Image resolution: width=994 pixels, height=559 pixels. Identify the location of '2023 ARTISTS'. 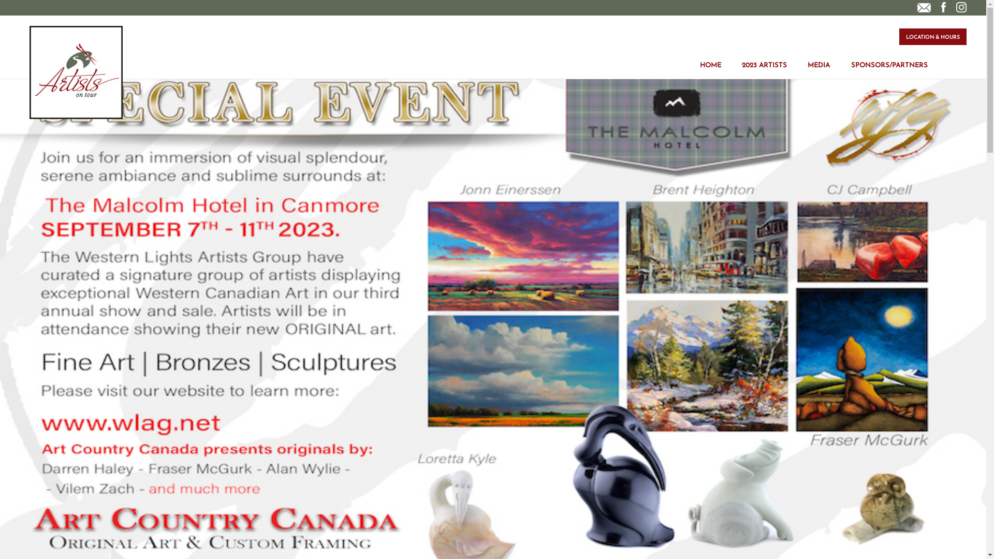
(741, 57).